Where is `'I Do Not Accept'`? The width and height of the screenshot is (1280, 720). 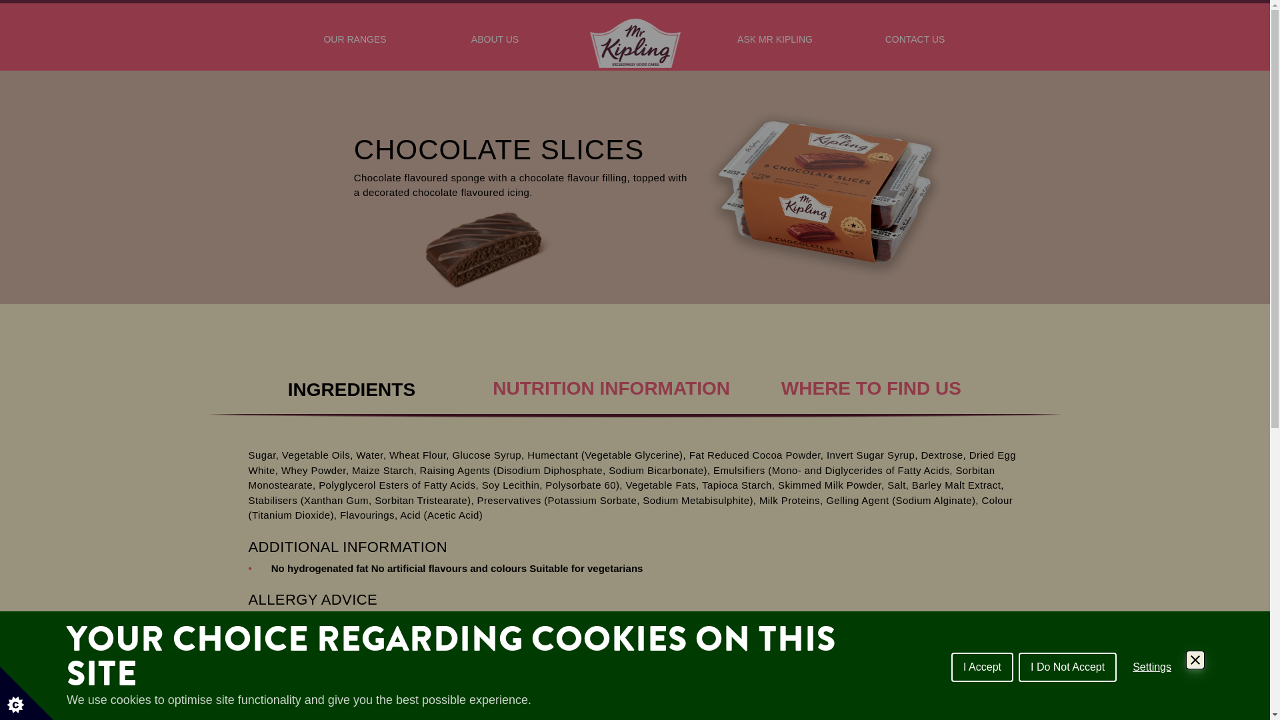 'I Do Not Accept' is located at coordinates (1017, 666).